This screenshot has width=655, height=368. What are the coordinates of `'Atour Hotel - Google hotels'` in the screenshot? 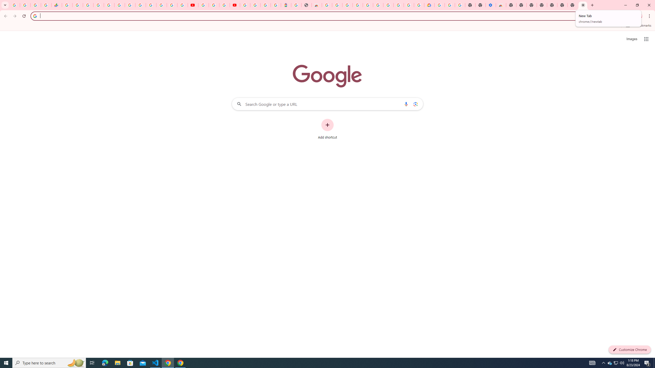 It's located at (286, 5).